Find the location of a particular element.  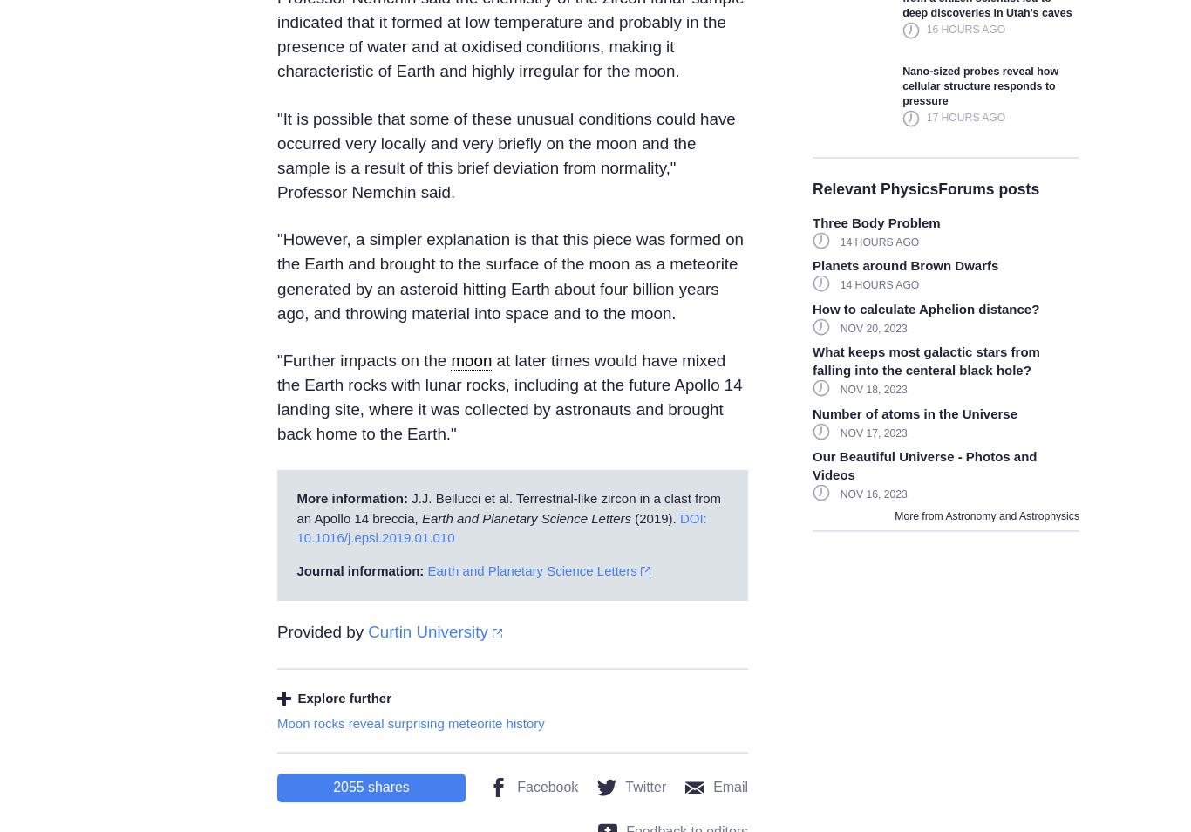

'More information:' is located at coordinates (351, 497).